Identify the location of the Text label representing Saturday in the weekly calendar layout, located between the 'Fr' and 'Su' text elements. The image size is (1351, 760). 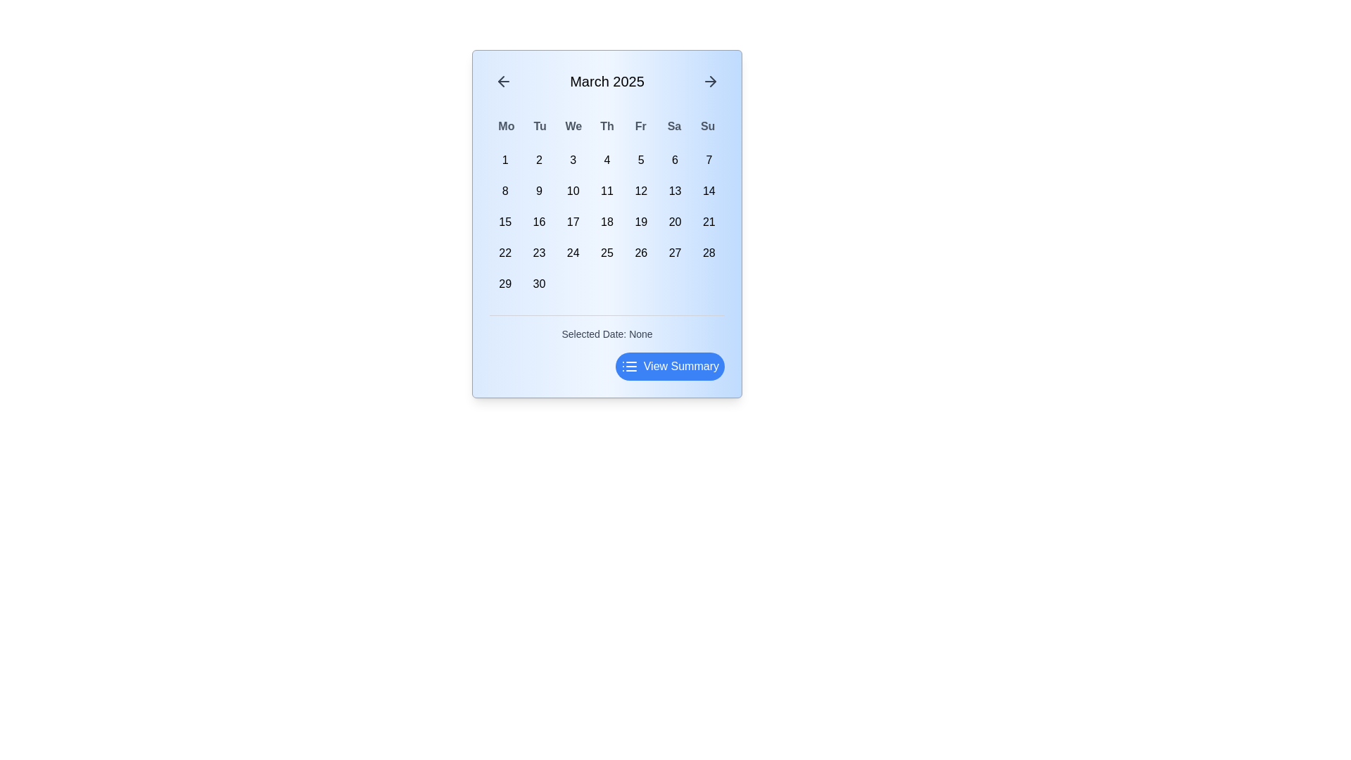
(673, 127).